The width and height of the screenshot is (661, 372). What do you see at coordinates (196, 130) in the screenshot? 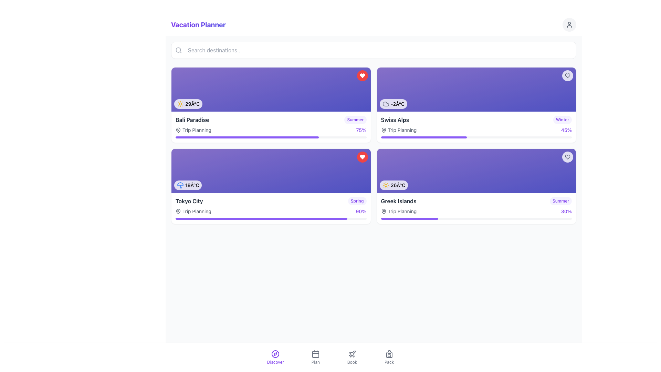
I see `static text label 'Trip Planning' located within the first vacation card for 'Bali Paradise', positioned to the right of the map pin icon` at bounding box center [196, 130].